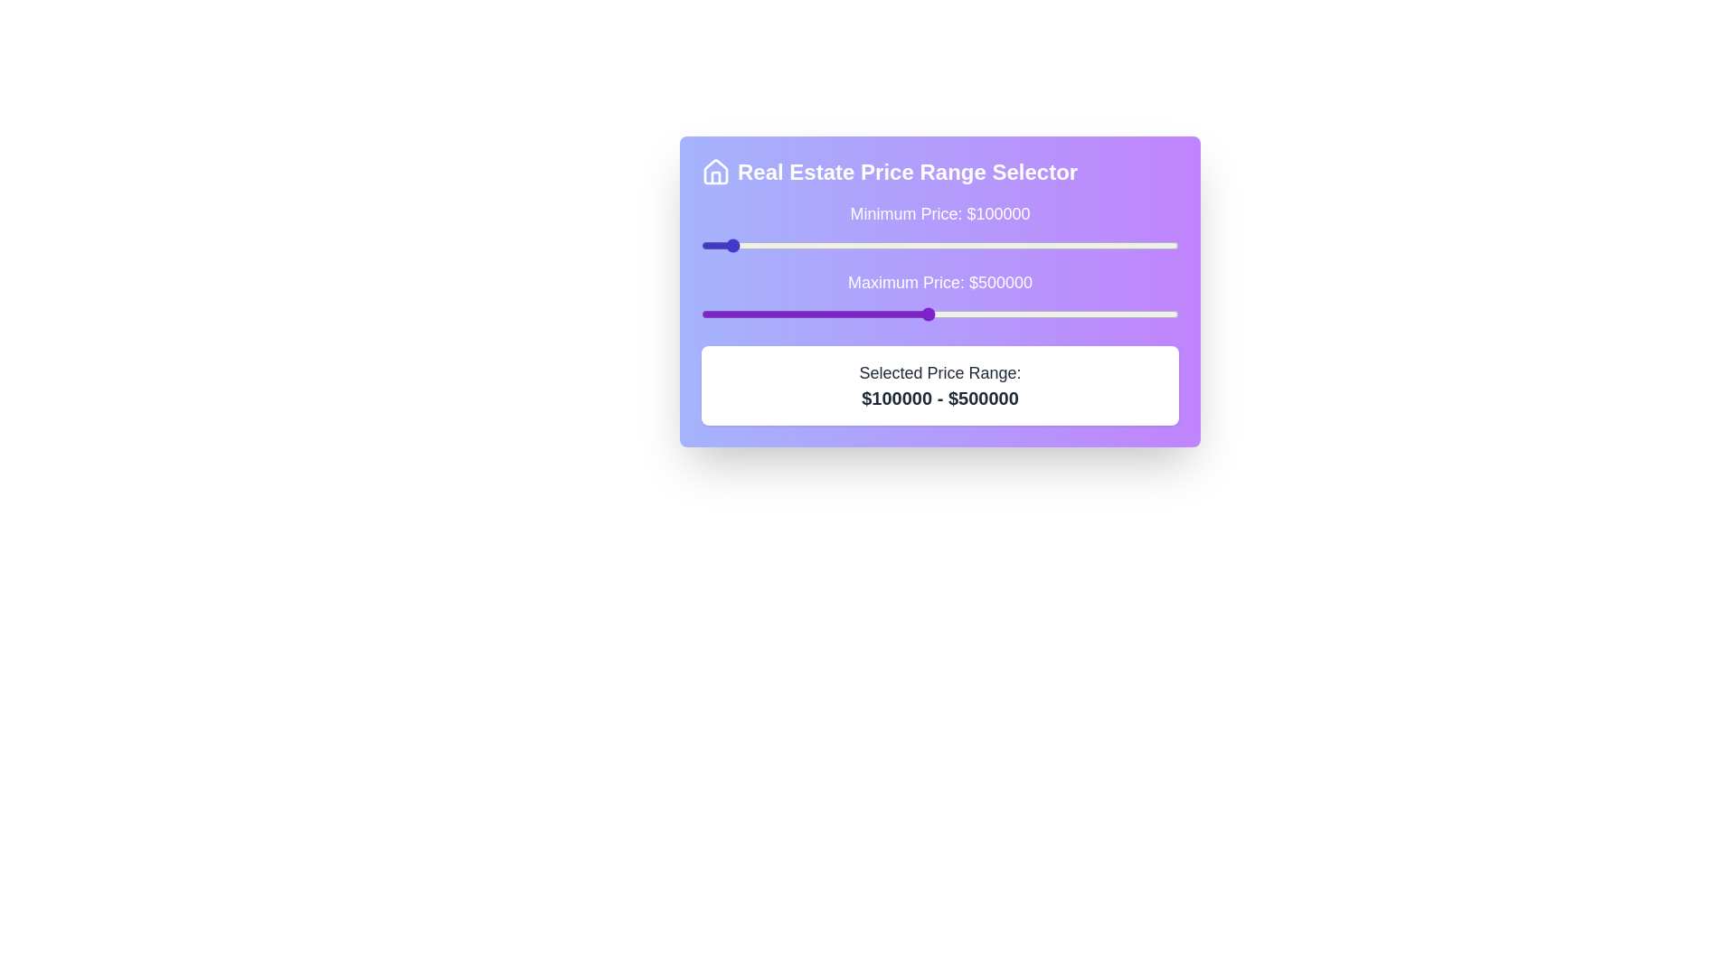 The image size is (1736, 976). Describe the element at coordinates (855, 246) in the screenshot. I see `the minimum price slider to 359169 dollars` at that location.